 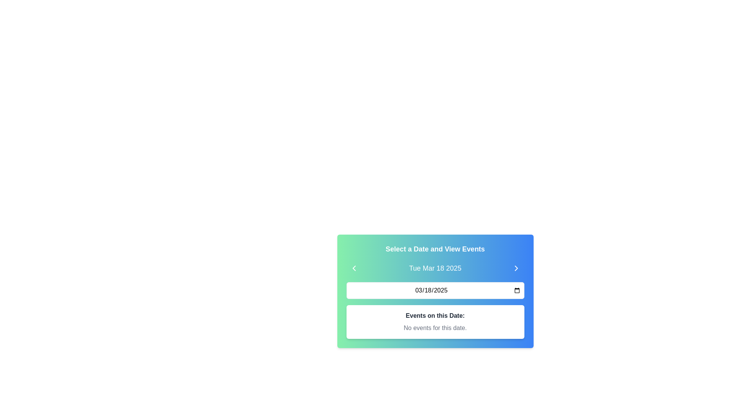 I want to click on the circular button with a right-pointing chevron icon, located to the right of the displayed date 'Tue Mar 18 2025', so click(x=516, y=268).